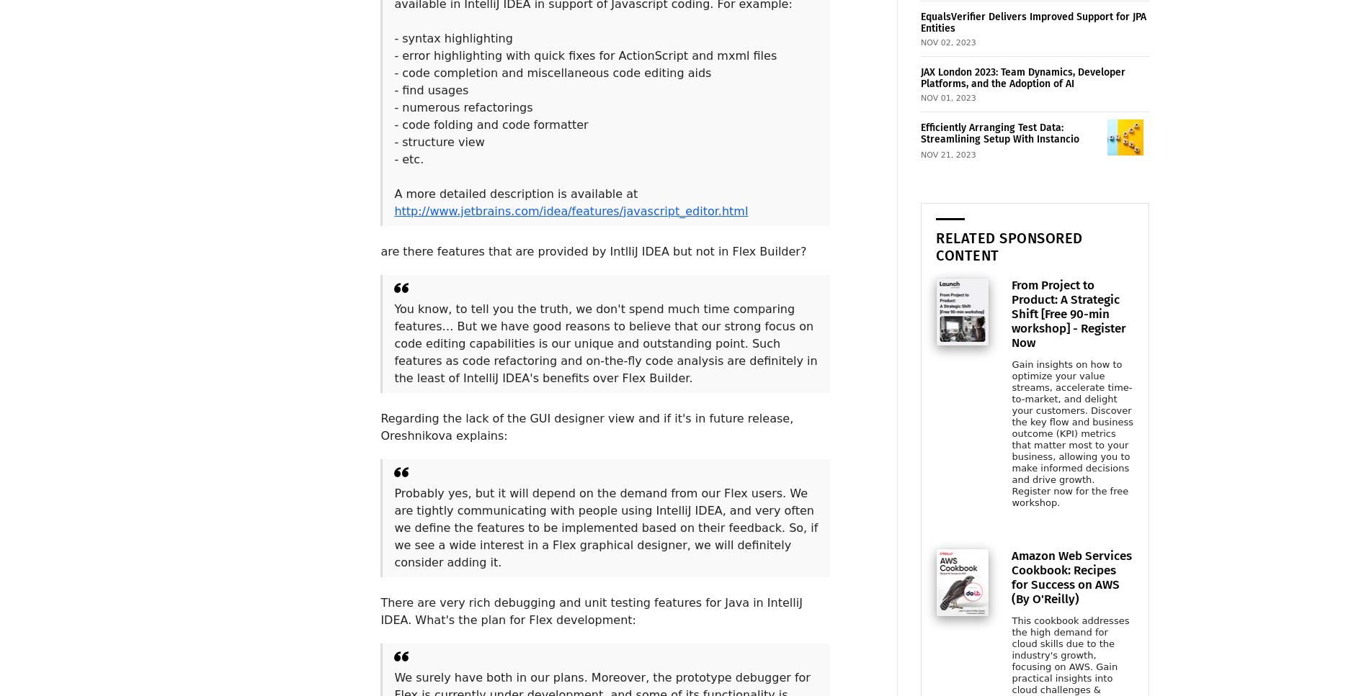  What do you see at coordinates (999, 133) in the screenshot?
I see `'Efficiently Arranging Test Data: Streamlining Setup With Instancio'` at bounding box center [999, 133].